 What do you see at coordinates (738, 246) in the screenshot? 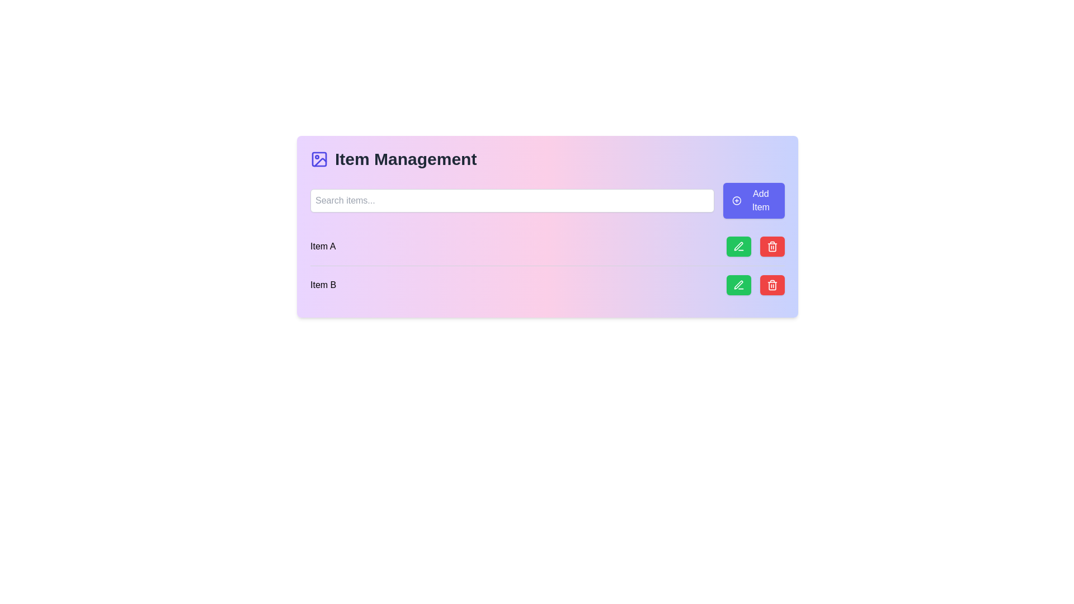
I see `the pen icon button with a green background located in the second row of items` at bounding box center [738, 246].